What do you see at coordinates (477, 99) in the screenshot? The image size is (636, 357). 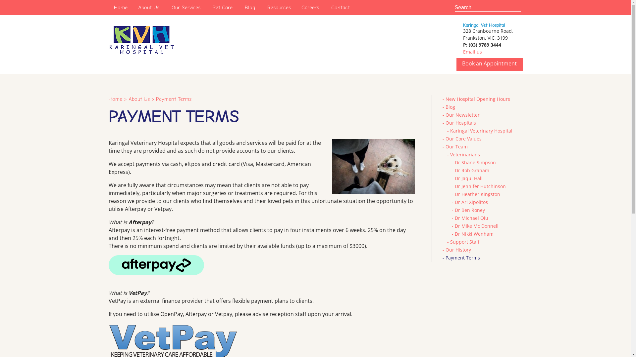 I see `'New Hospital Opening Hours'` at bounding box center [477, 99].